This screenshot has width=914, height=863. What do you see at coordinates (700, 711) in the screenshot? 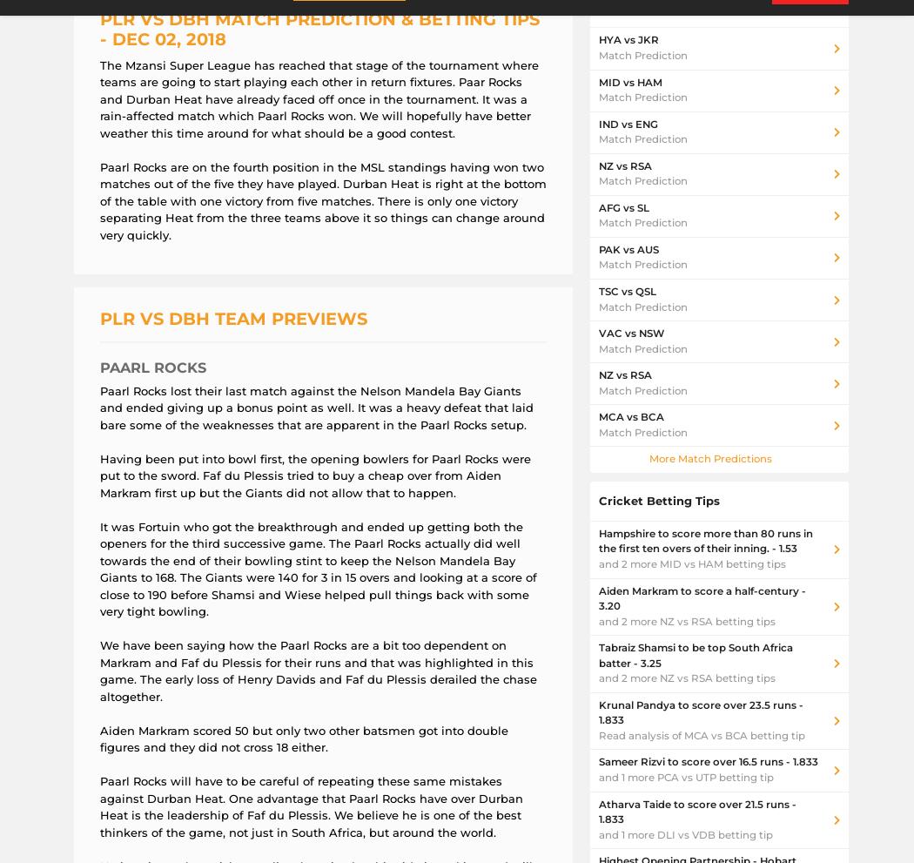
I see `'Krunal Pandya to score over 23.5 runs - 1.833'` at bounding box center [700, 711].